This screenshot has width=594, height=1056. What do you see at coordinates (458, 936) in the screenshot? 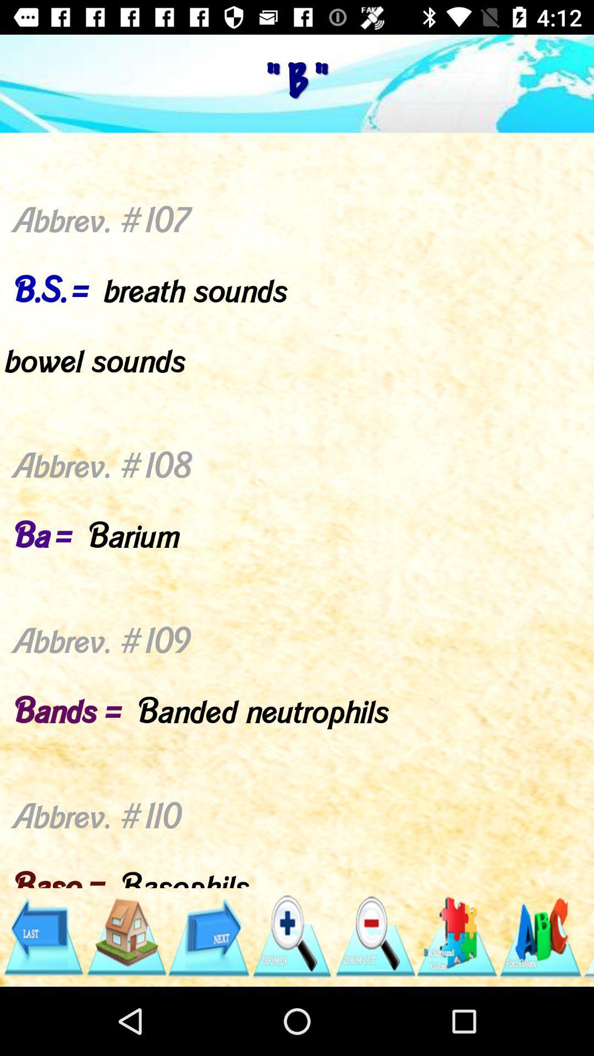
I see `abbreviation` at bounding box center [458, 936].